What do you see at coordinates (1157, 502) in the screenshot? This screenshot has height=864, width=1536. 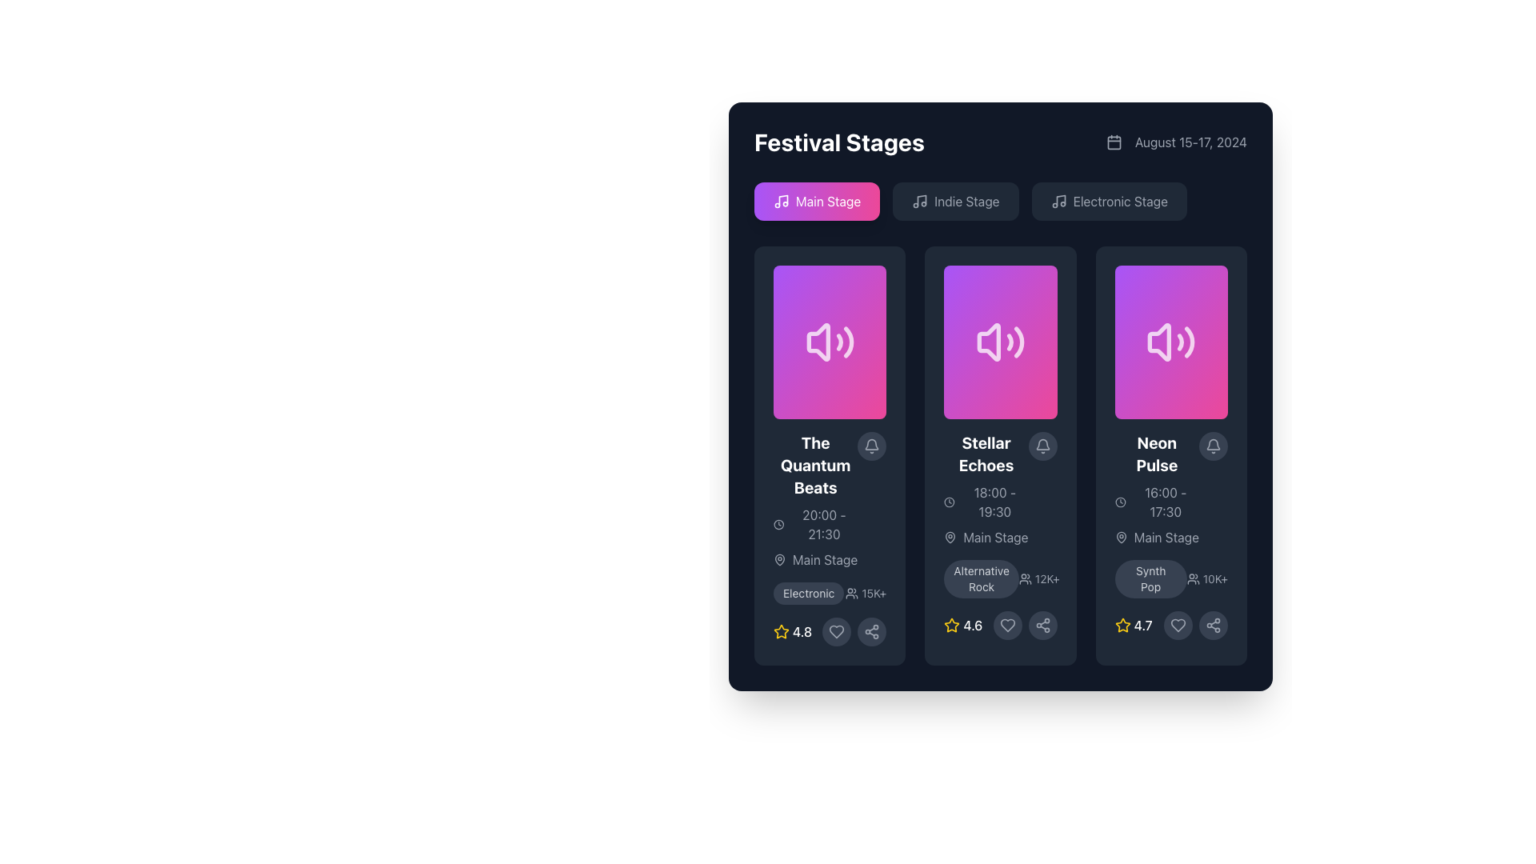 I see `the text indicating the time duration for the 'Neon Pulse' event, which is positioned below the event's title and above the stage location detail` at bounding box center [1157, 502].